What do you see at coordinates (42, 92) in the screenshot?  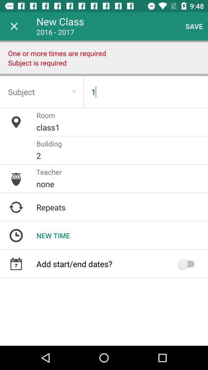 I see `subject` at bounding box center [42, 92].